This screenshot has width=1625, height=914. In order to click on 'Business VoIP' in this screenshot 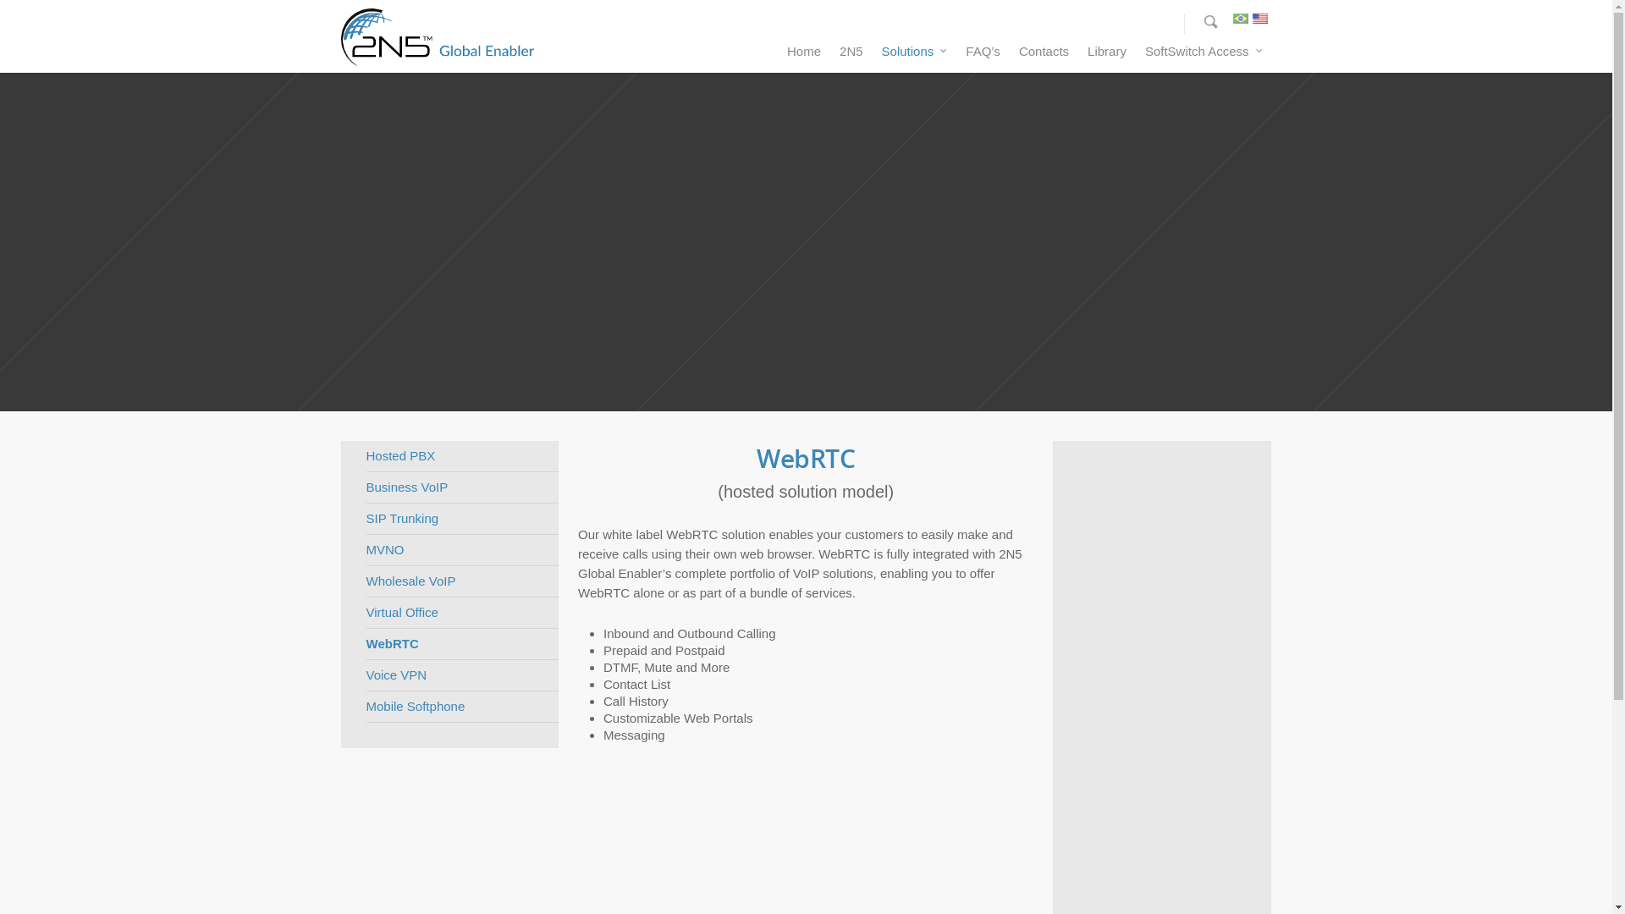, I will do `click(365, 487)`.